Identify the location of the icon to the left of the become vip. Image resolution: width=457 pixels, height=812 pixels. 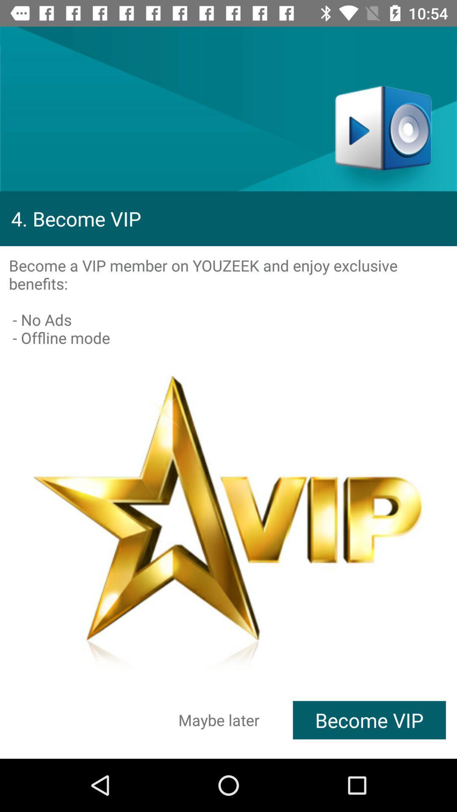
(218, 719).